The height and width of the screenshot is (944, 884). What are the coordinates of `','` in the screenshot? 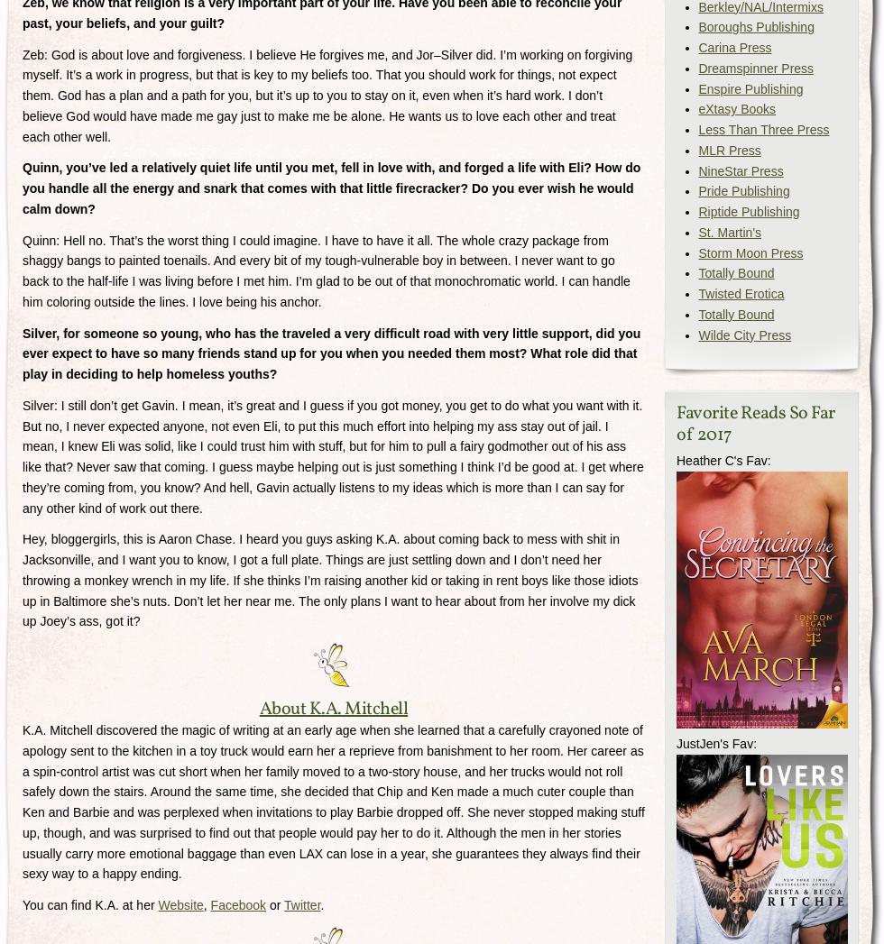 It's located at (203, 904).